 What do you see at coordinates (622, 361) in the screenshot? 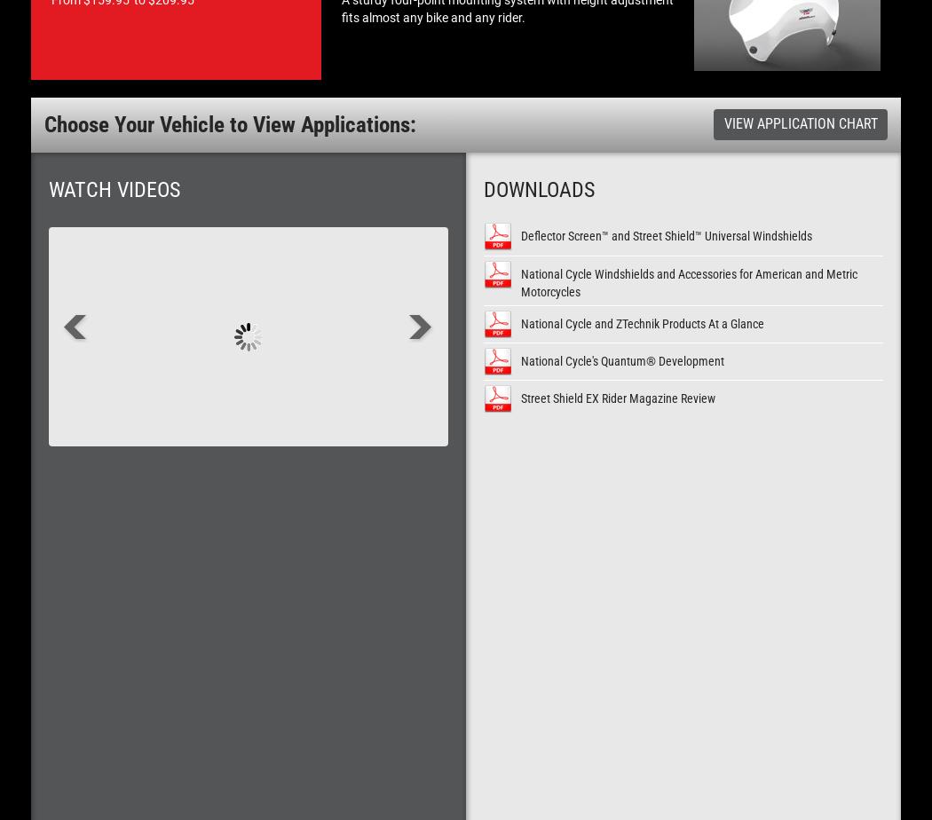
I see `'National Cycle's Quantum® Development'` at bounding box center [622, 361].